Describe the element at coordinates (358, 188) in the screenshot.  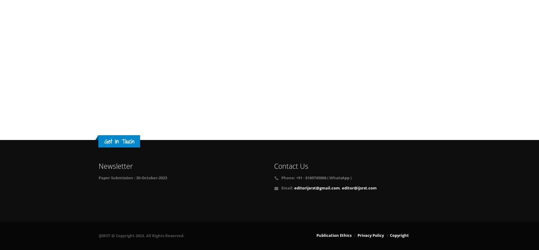
I see `'editor@ijsrst.com'` at that location.